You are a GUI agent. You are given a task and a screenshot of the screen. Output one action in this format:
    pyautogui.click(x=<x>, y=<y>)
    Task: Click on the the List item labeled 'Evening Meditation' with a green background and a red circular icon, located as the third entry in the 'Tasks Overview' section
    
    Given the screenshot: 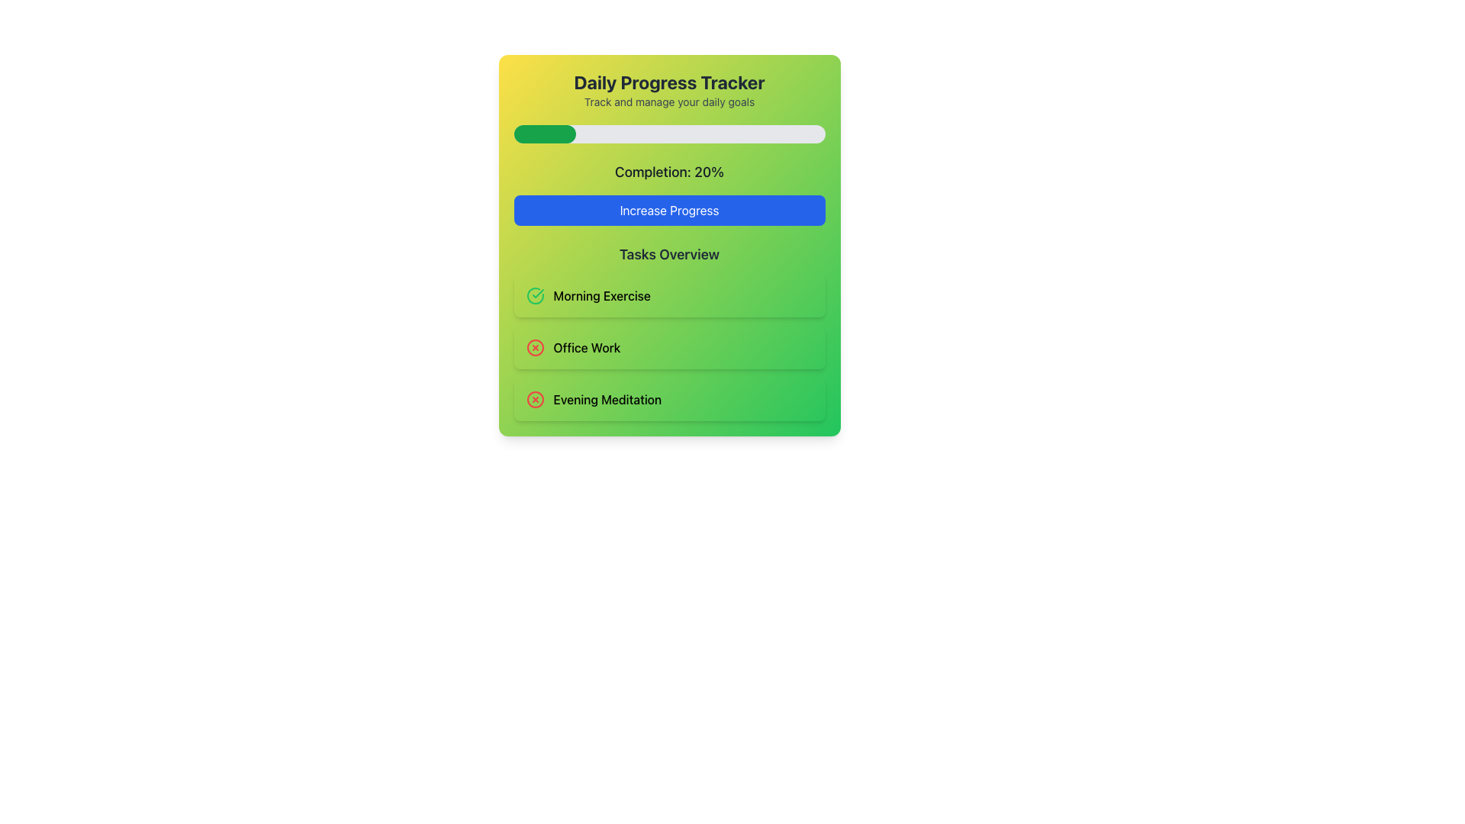 What is the action you would take?
    pyautogui.click(x=669, y=399)
    